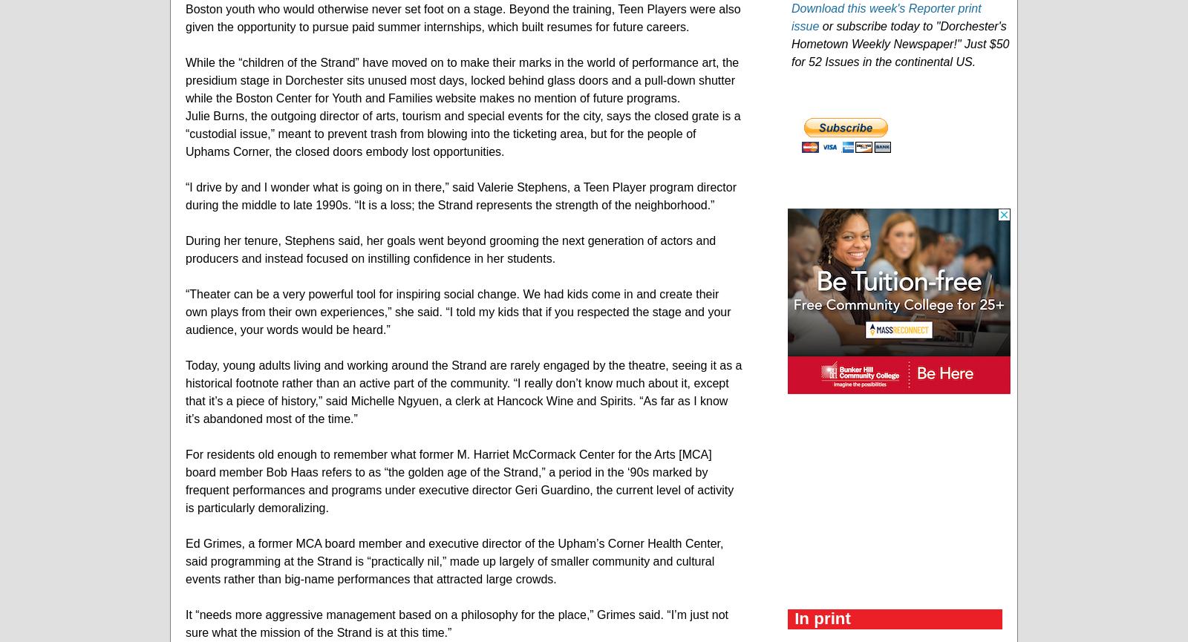  Describe the element at coordinates (823, 617) in the screenshot. I see `'In print'` at that location.